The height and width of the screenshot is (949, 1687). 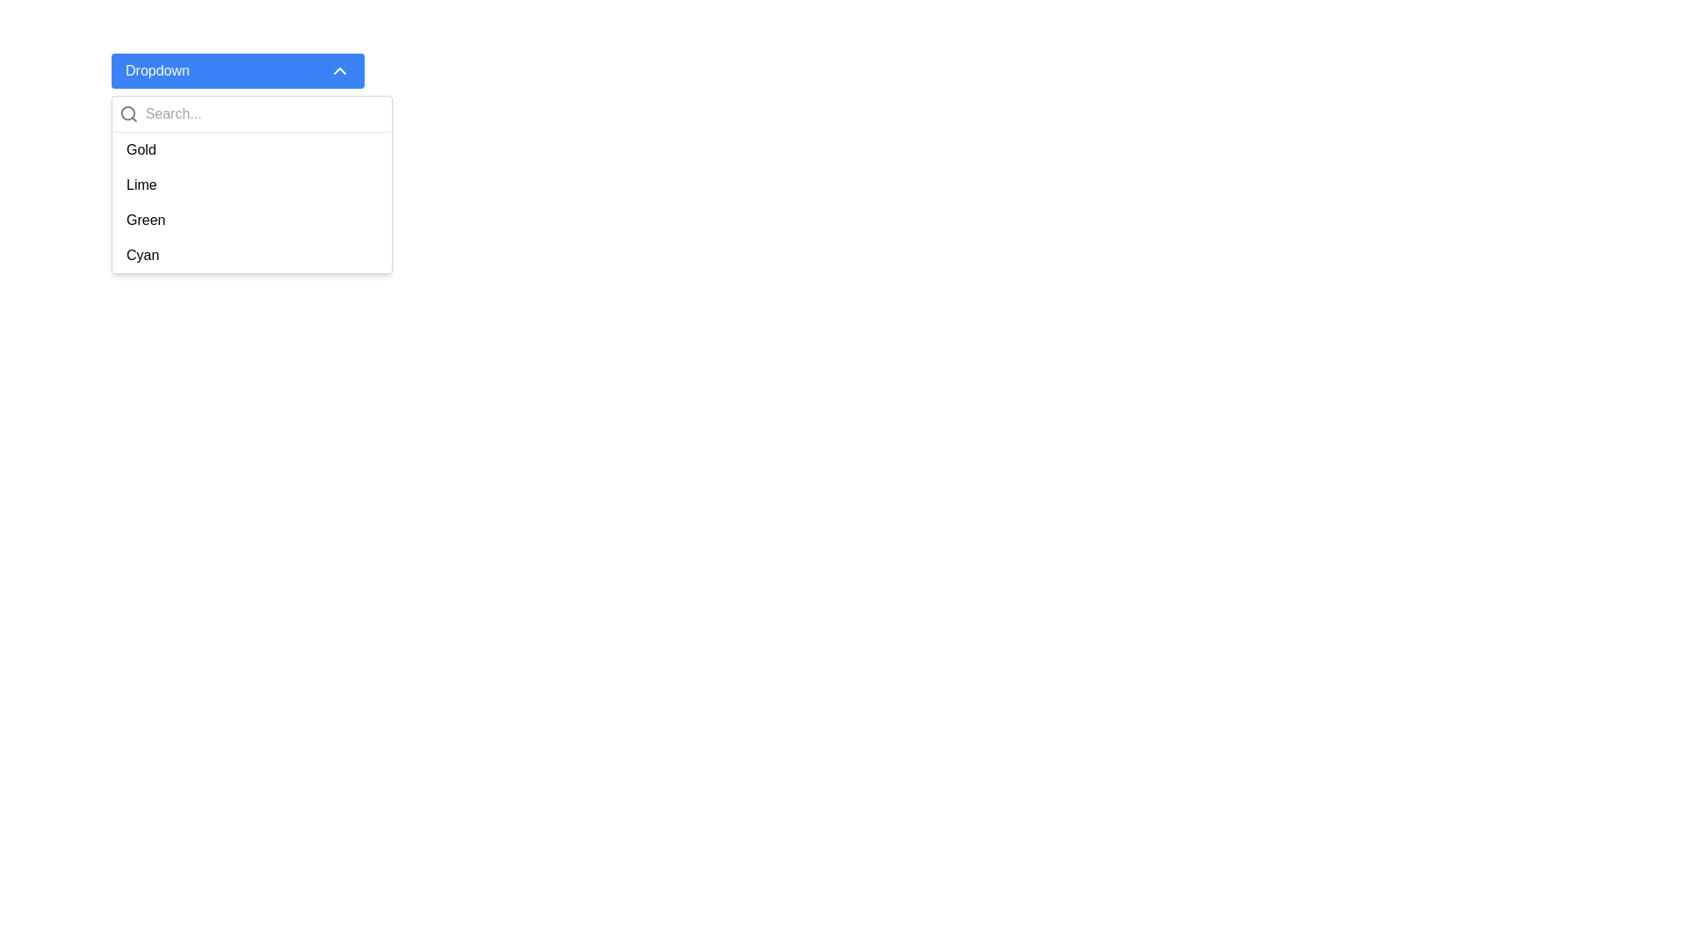 What do you see at coordinates (251, 219) in the screenshot?
I see `to select the 'Green' option from the dropdown menu, which is the third item in a vertical list between 'Lime' and 'Cyan'` at bounding box center [251, 219].